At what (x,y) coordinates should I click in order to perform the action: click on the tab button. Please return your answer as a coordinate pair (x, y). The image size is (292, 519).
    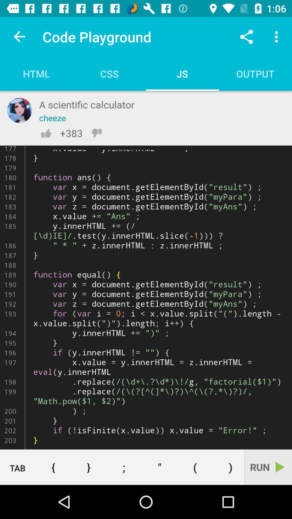
    Looking at the image, I should click on (17, 467).